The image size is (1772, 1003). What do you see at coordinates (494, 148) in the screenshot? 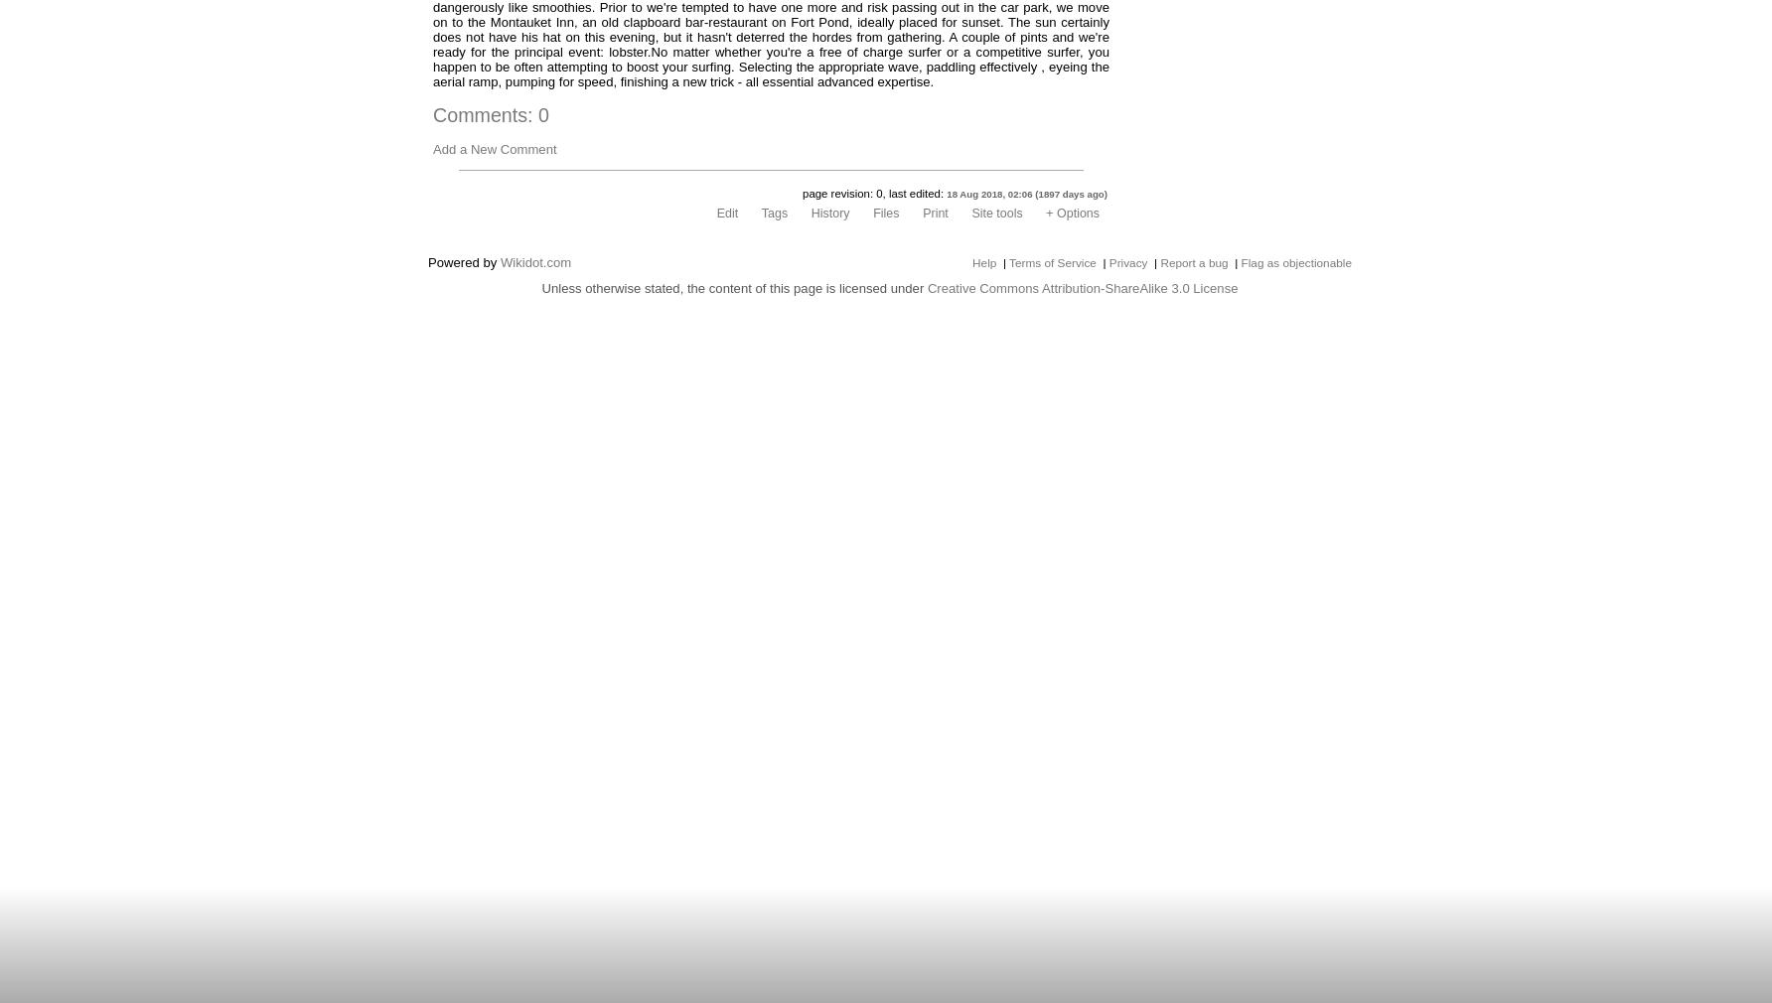
I see `'Add a New Comment'` at bounding box center [494, 148].